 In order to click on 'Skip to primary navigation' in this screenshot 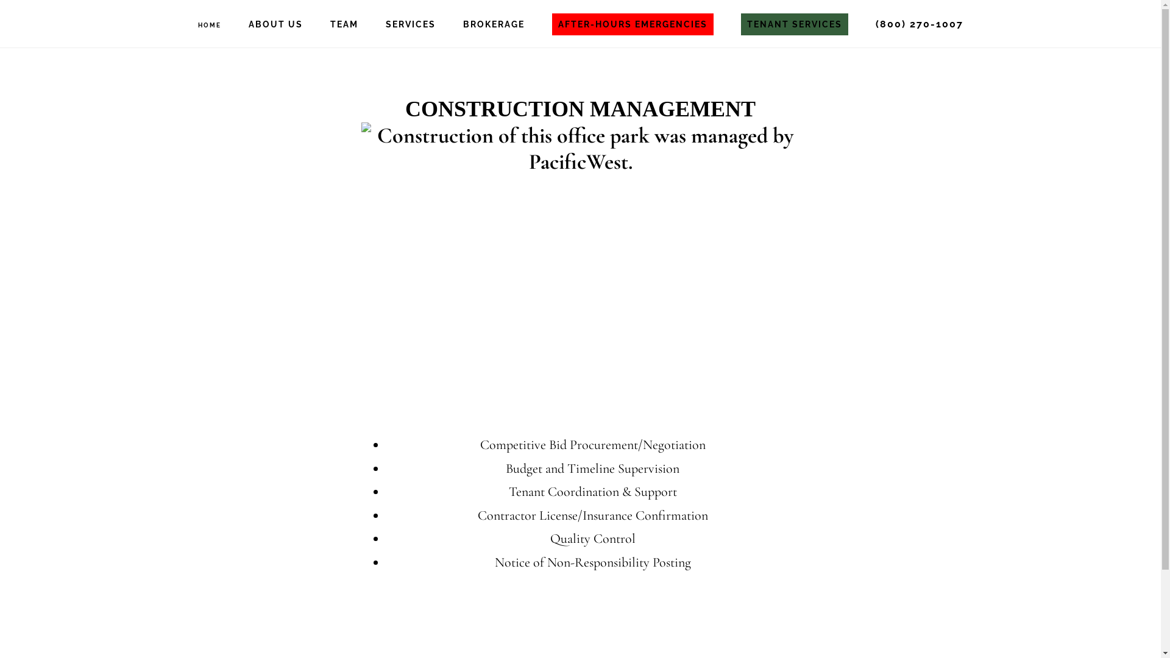, I will do `click(0, 0)`.